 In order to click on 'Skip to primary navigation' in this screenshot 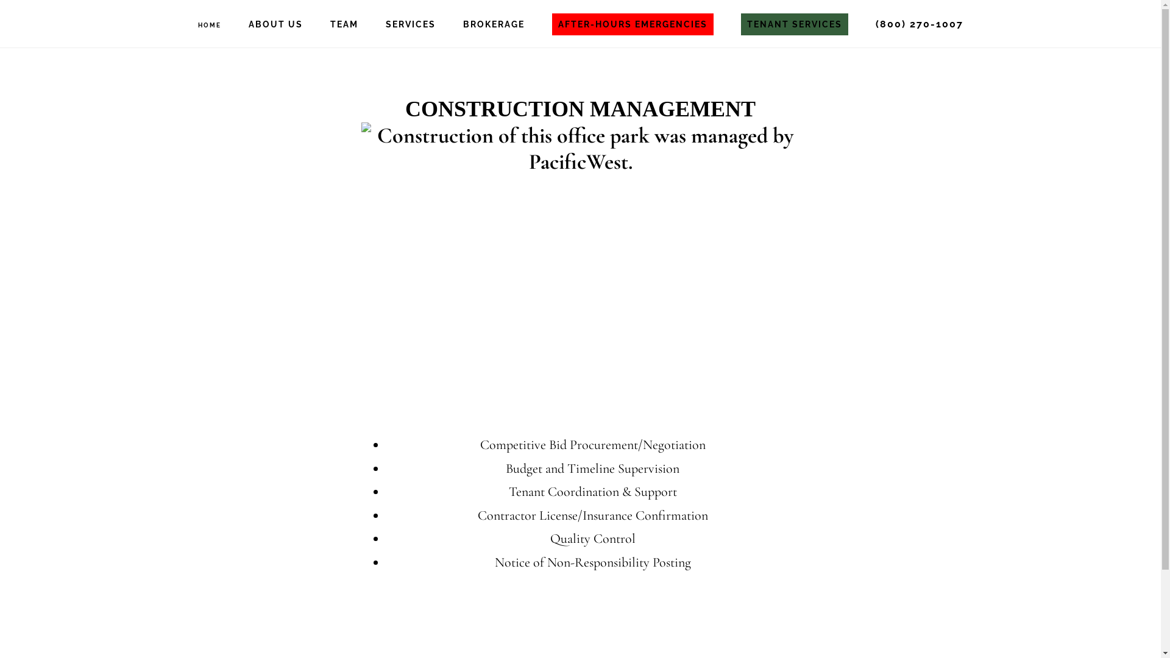, I will do `click(0, 0)`.